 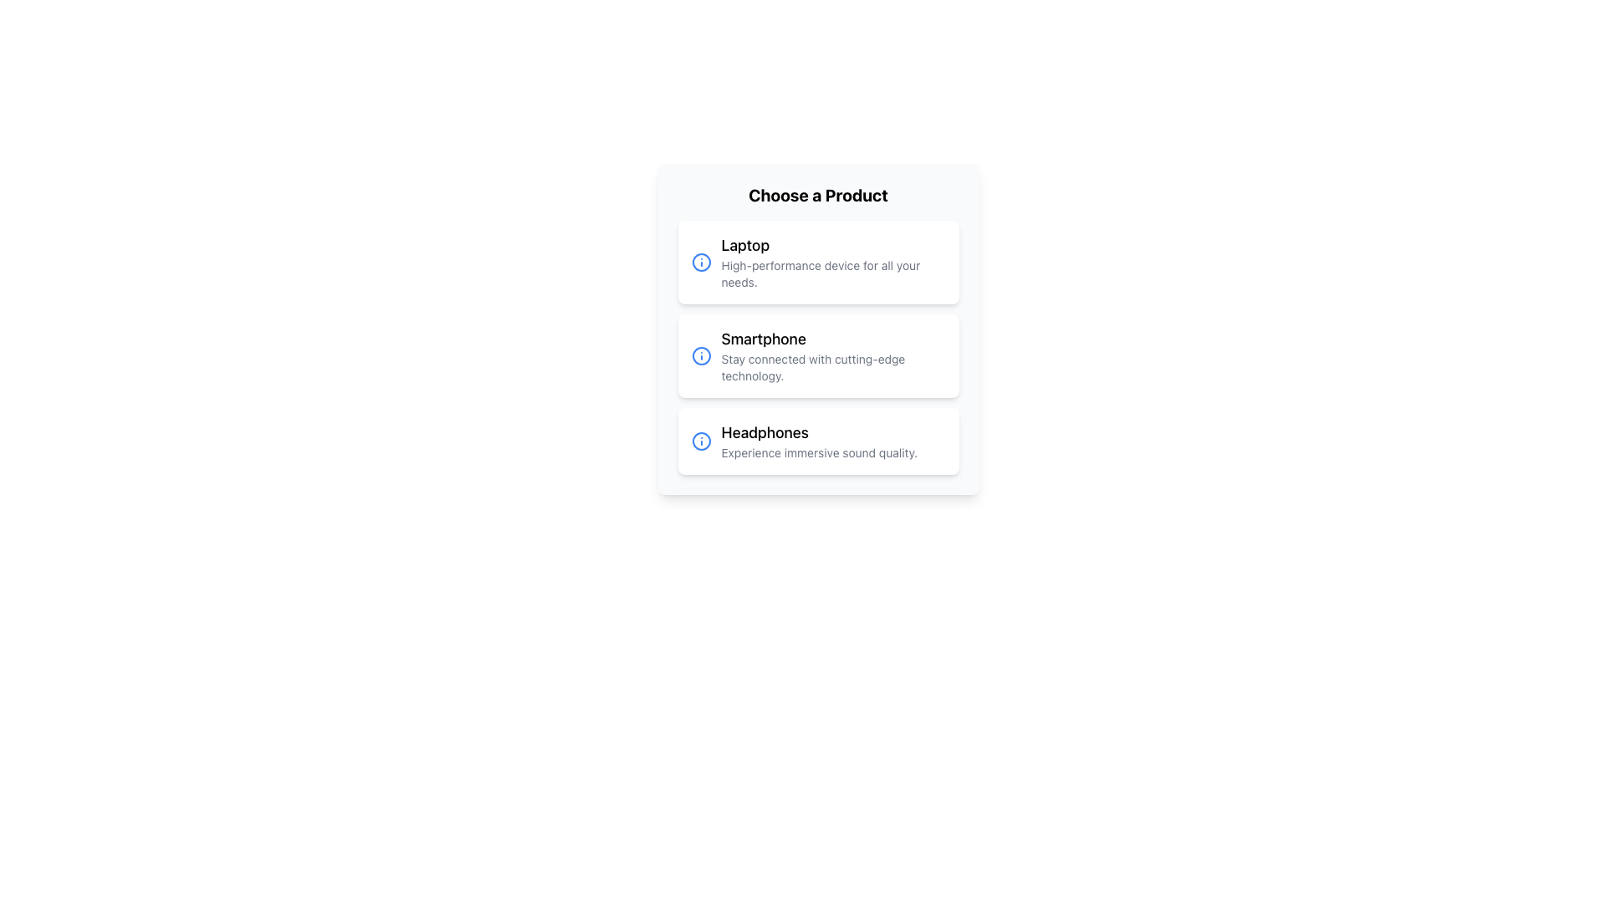 I want to click on the heading text 'Choose a Product', which is bold and large, located at the top of the selection card with a light gray background, so click(x=818, y=195).